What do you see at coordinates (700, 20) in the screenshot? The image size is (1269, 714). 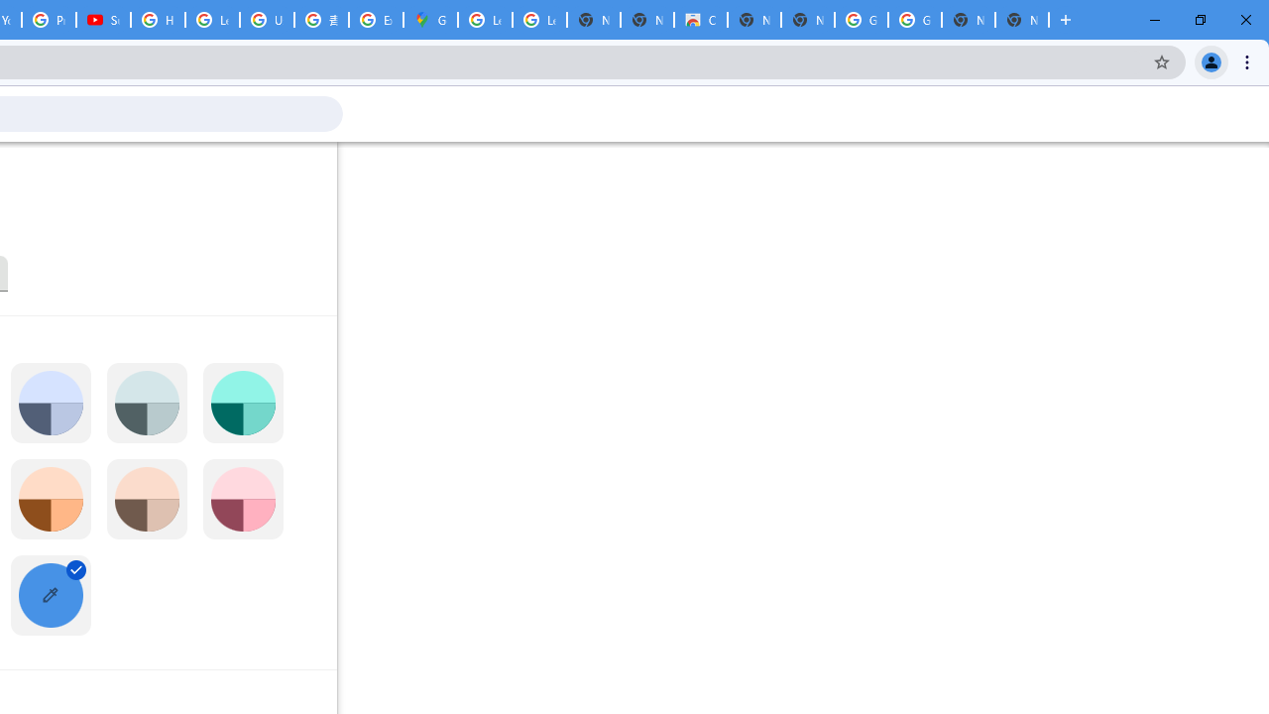 I see `'Chrome Web Store'` at bounding box center [700, 20].